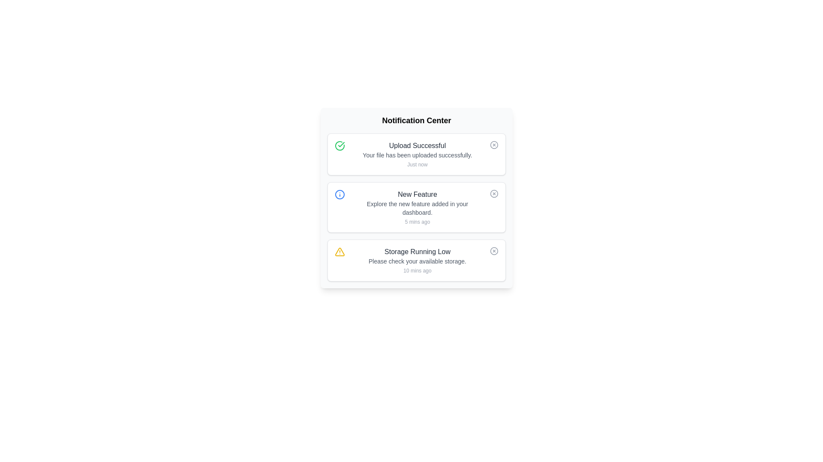 The height and width of the screenshot is (462, 823). I want to click on the circular graphical element with a thin stroke located in the bottom-right notification card of the Notification Center panel, so click(494, 250).